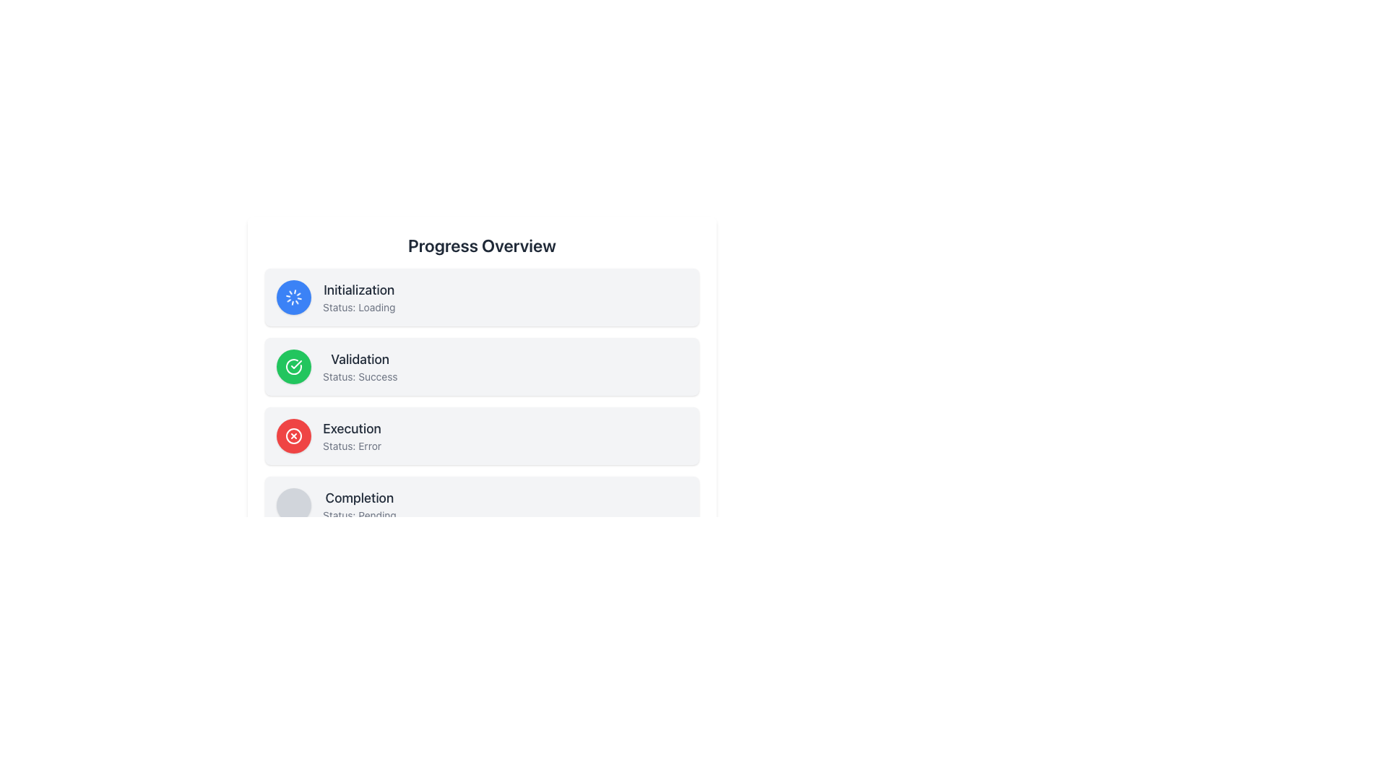 This screenshot has width=1387, height=780. Describe the element at coordinates (293, 504) in the screenshot. I see `the circular gray button located to the left of the 'Completion' section, which is part of the progress steps list, to perform a contextual action if supported` at that location.